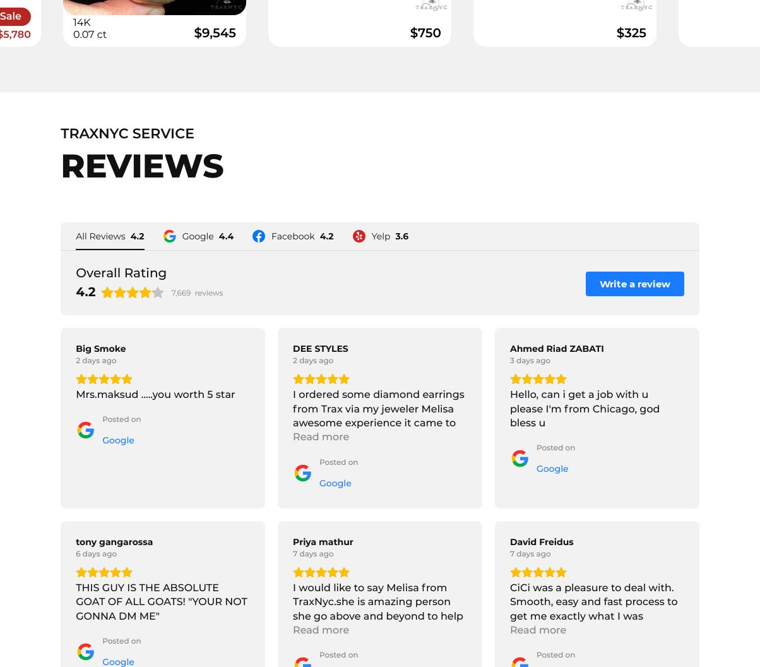 The image size is (760, 667). What do you see at coordinates (509, 609) in the screenshot?
I see `'CiCi was a pleasure to deal with.
Smooth, easy and fast process to get me exactly what I was looking for.'` at bounding box center [509, 609].